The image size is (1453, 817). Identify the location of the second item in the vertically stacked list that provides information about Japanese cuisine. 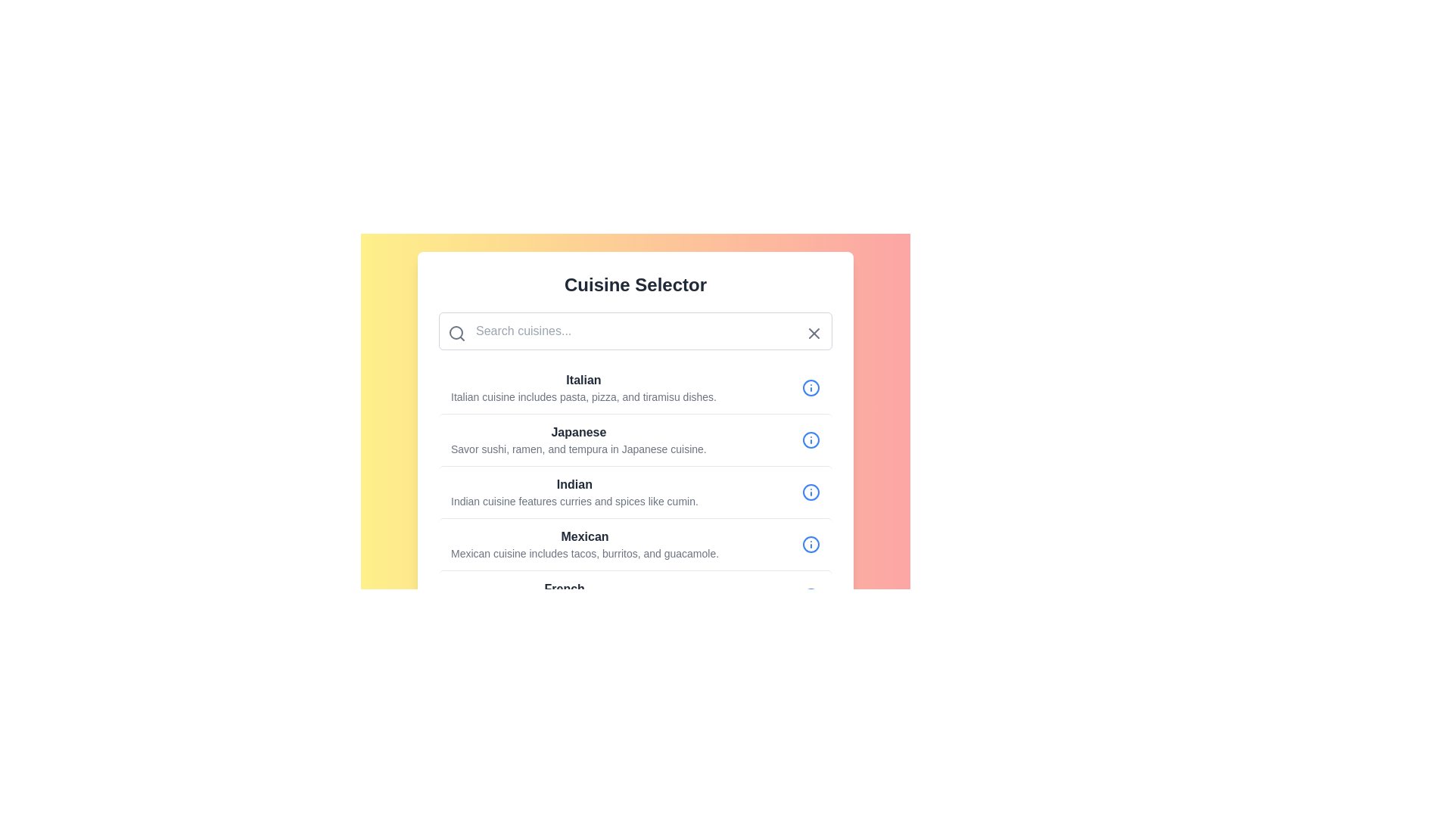
(636, 446).